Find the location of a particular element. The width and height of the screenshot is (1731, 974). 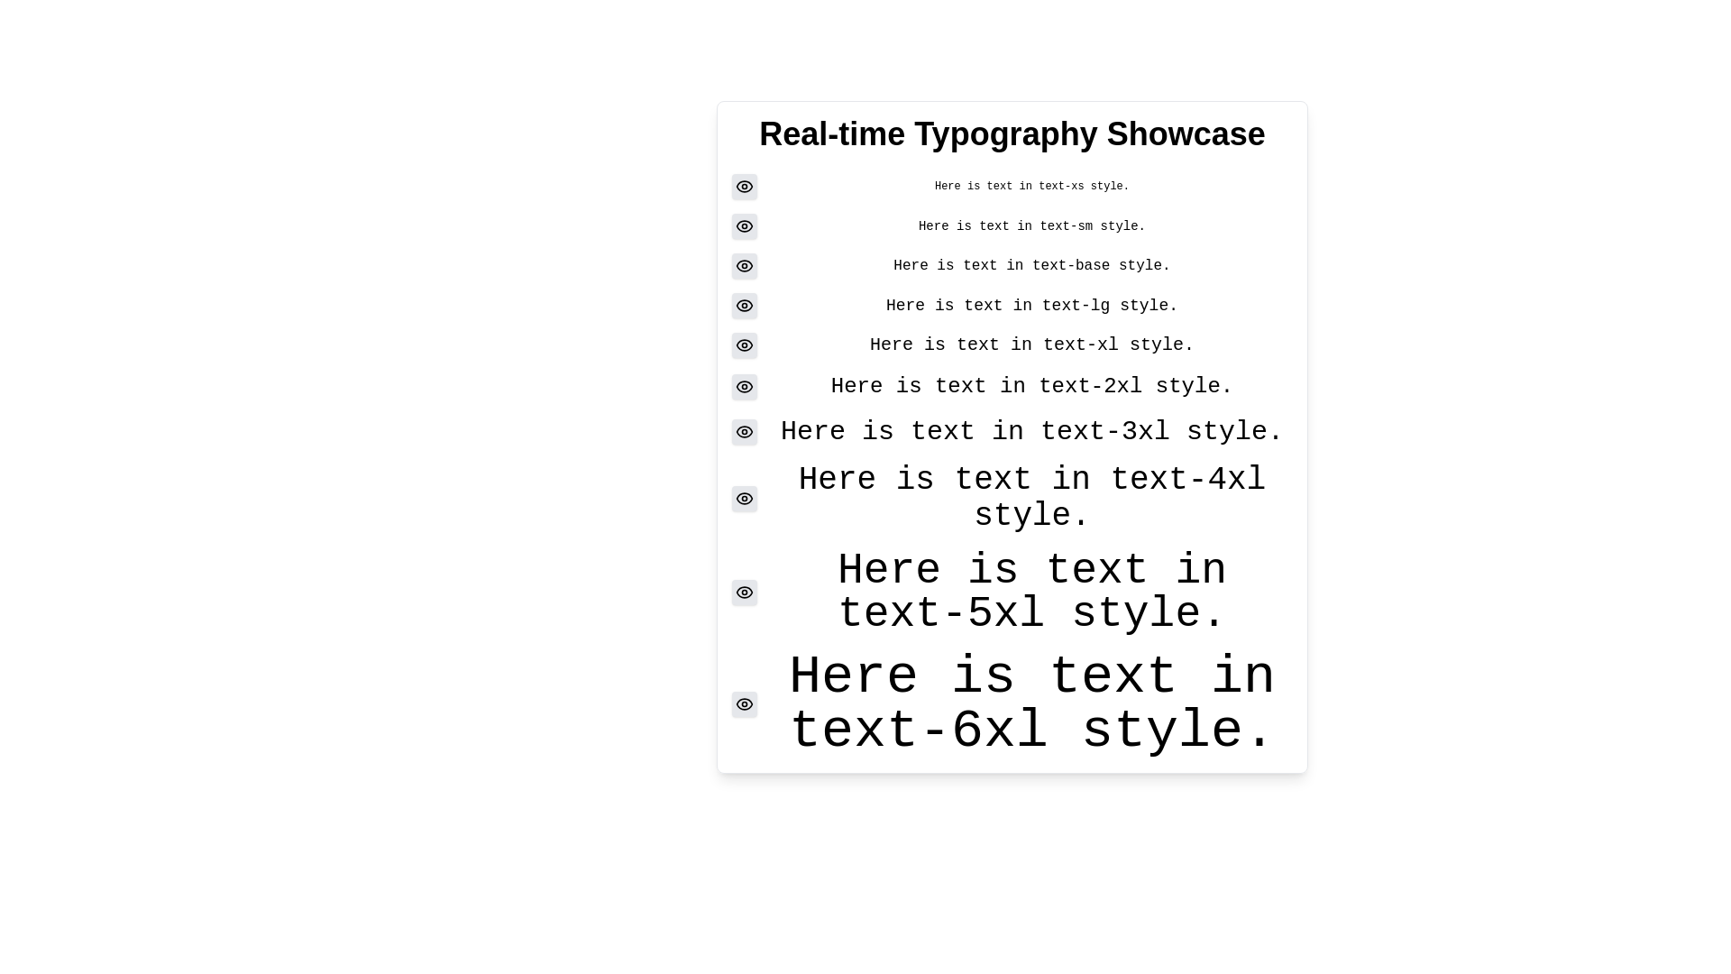

the text element that reads 'Here is text in text-base style', which is styled with a monospace font and positioned to the right of smaller interactive elements with an eye icon is located at coordinates (1032, 265).